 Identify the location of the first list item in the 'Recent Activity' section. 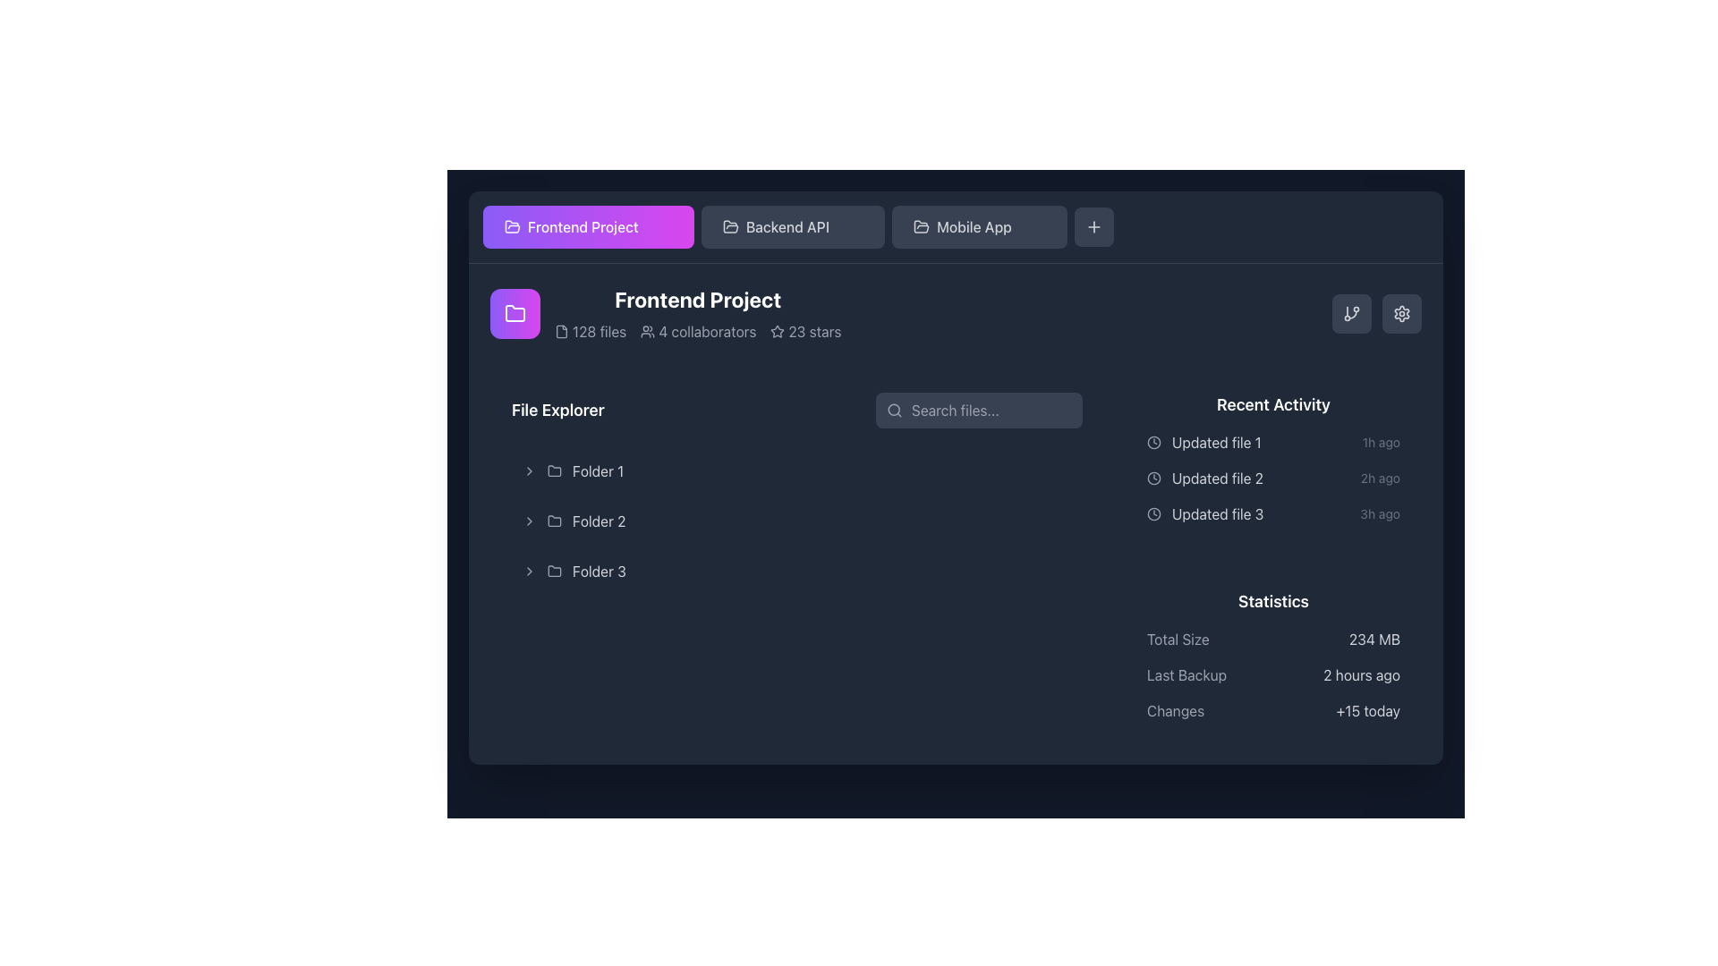
(1272, 442).